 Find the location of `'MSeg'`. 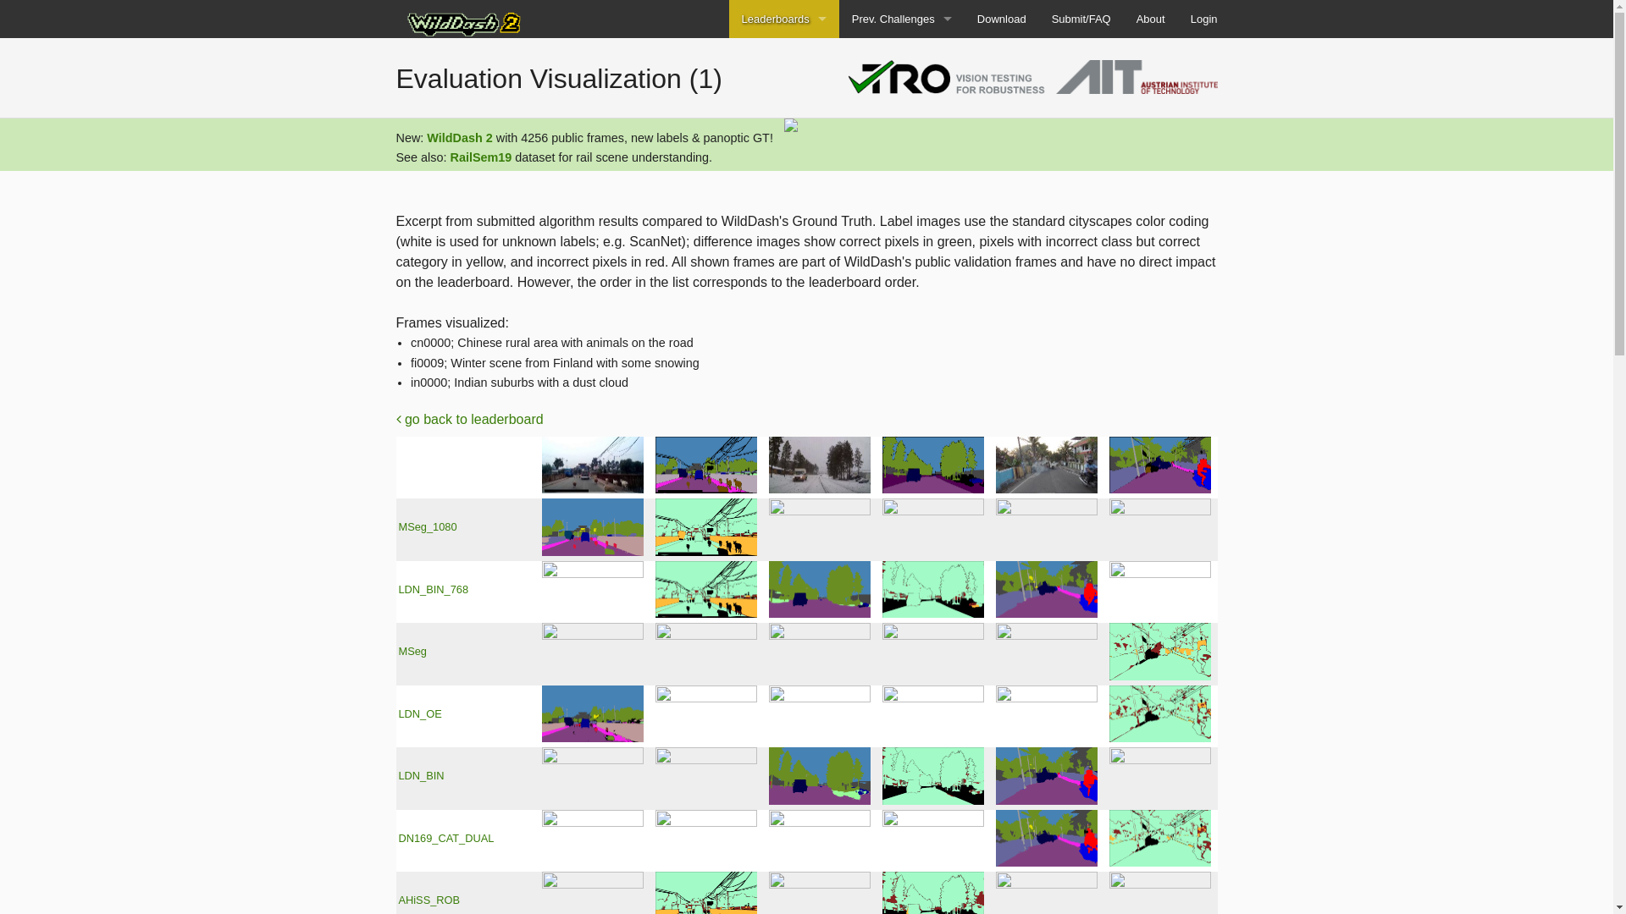

'MSeg' is located at coordinates (412, 650).